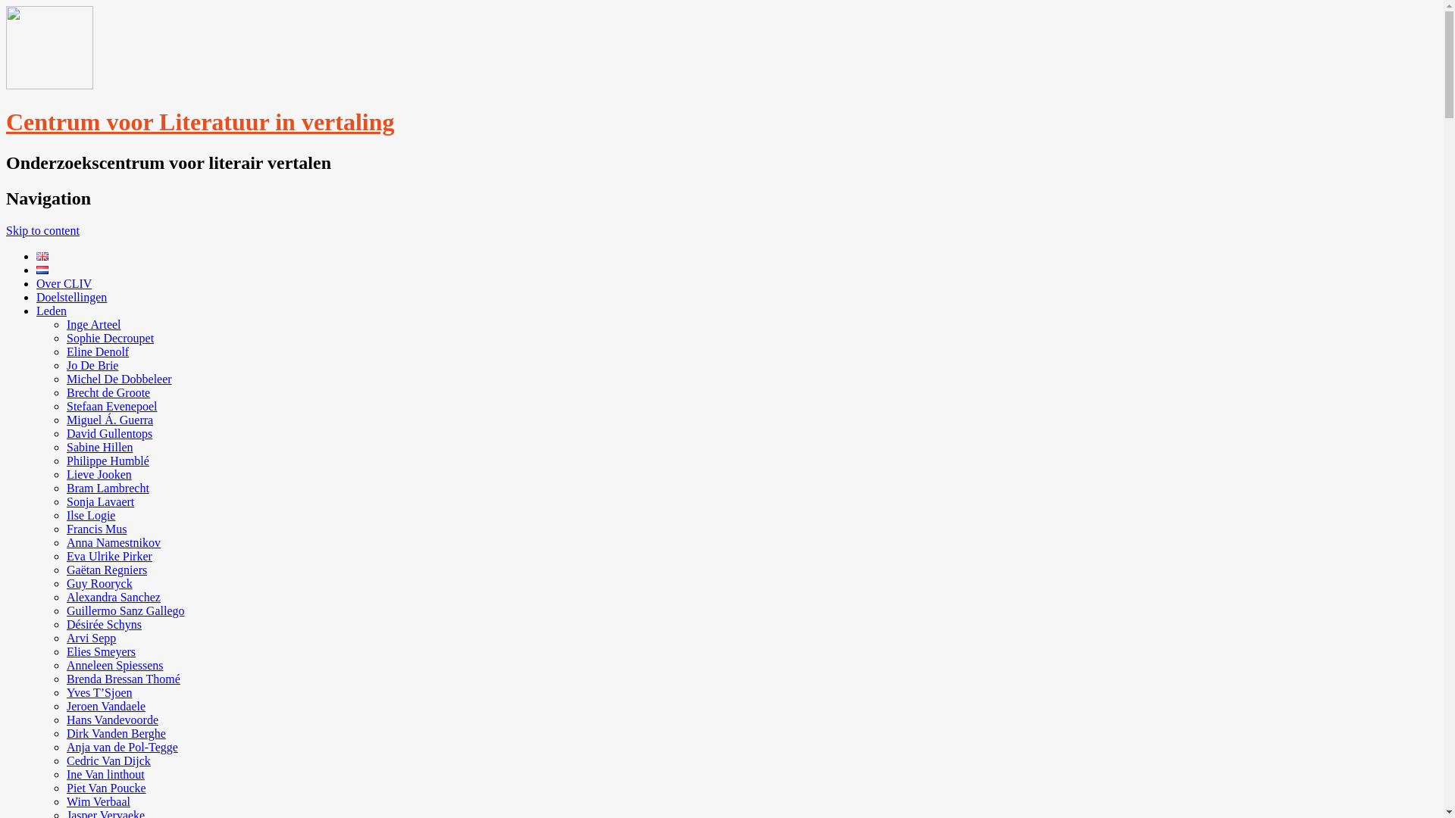  I want to click on 'Michel De Dobbeleer', so click(118, 378).